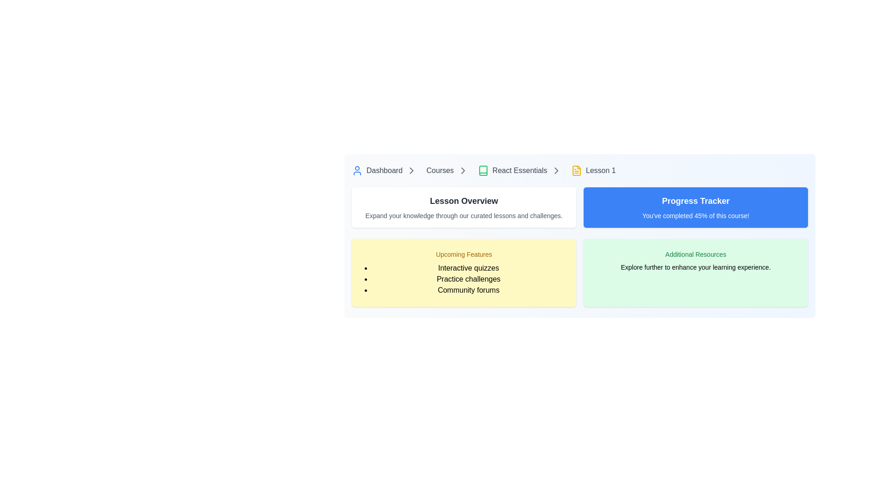  What do you see at coordinates (464, 200) in the screenshot?
I see `the 'Lesson Overview' heading which is styled in bold, large dark gray text located in the top-middle section of the interface` at bounding box center [464, 200].